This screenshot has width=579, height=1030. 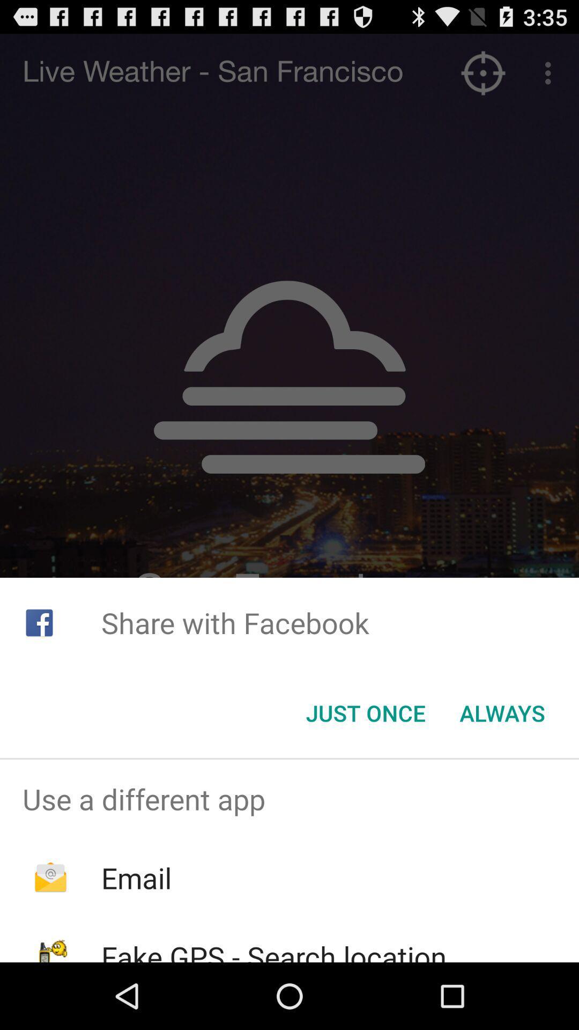 What do you see at coordinates (502, 713) in the screenshot?
I see `always item` at bounding box center [502, 713].